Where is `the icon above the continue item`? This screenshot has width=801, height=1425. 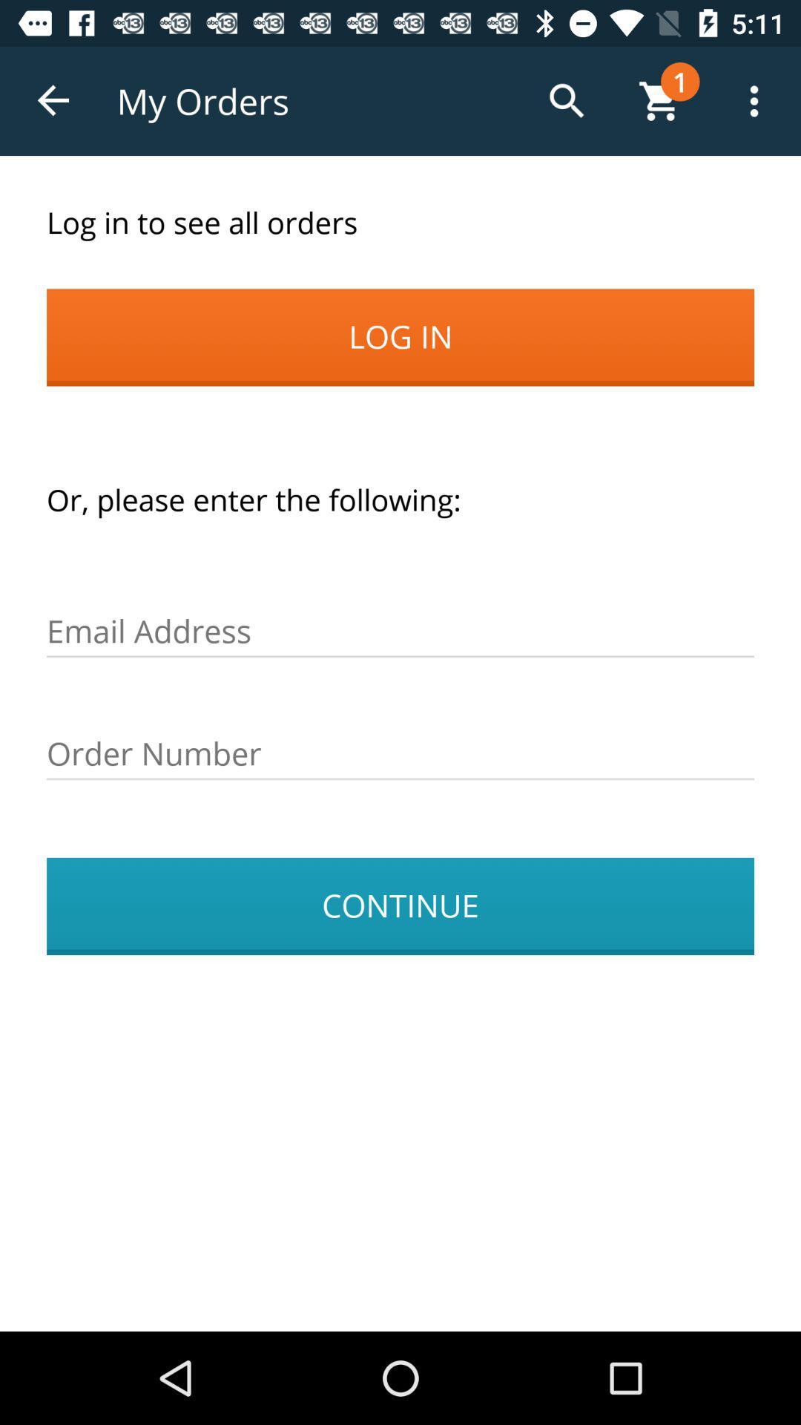 the icon above the continue item is located at coordinates (400, 754).